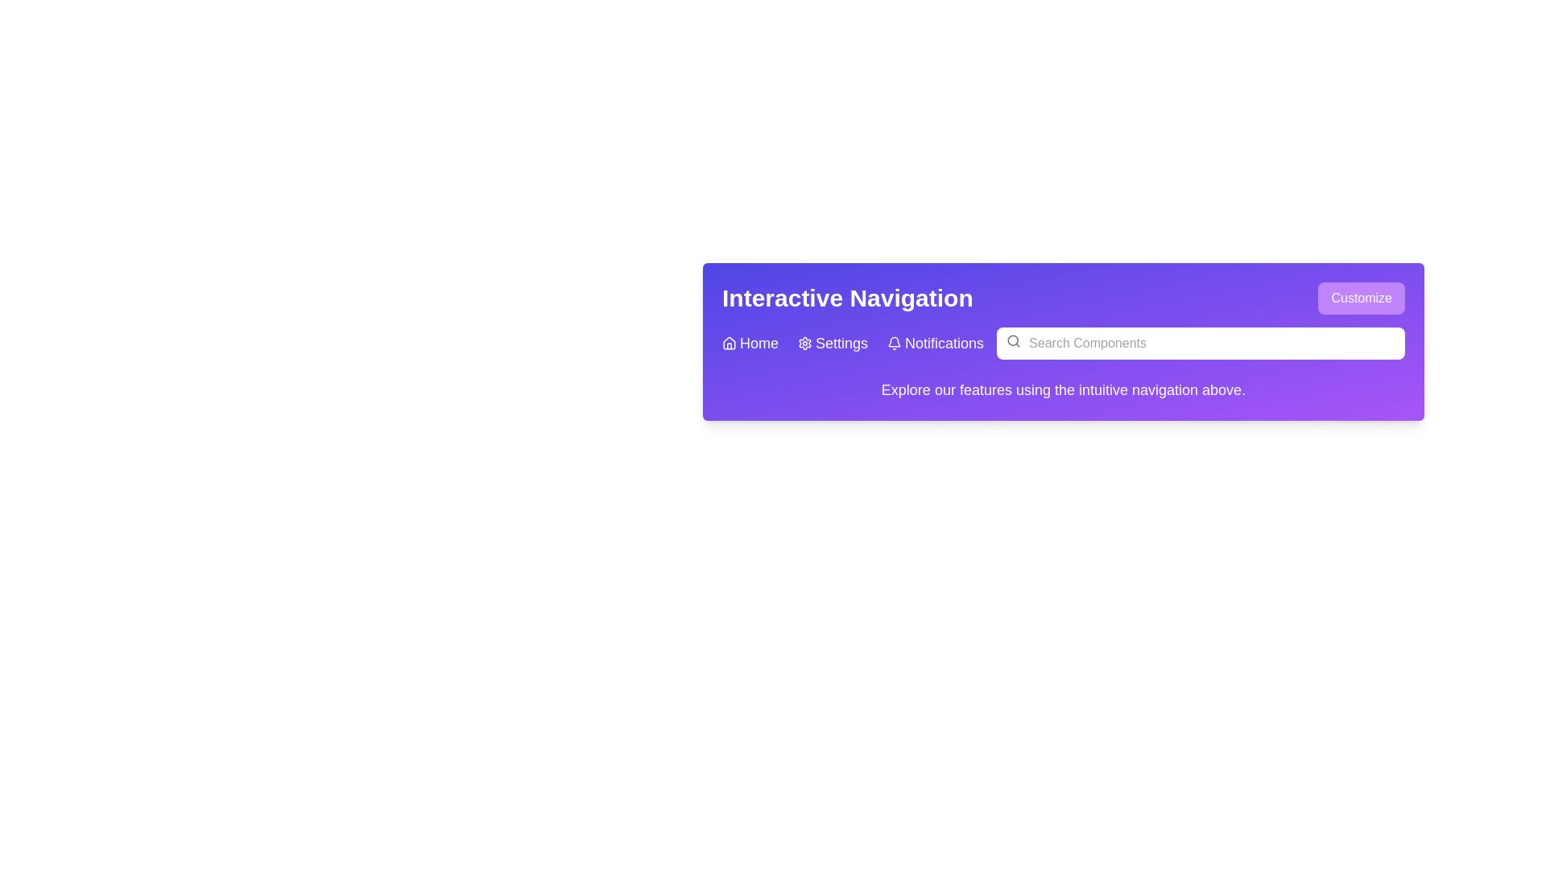  Describe the element at coordinates (804, 343) in the screenshot. I see `the 'Settings' icon located in the navigation bar` at that location.